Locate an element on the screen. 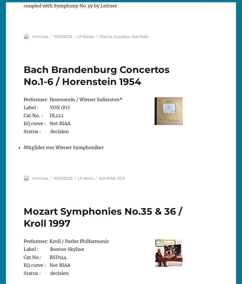 This screenshot has height=284, width=242. 'LP Mono' is located at coordinates (85, 177).